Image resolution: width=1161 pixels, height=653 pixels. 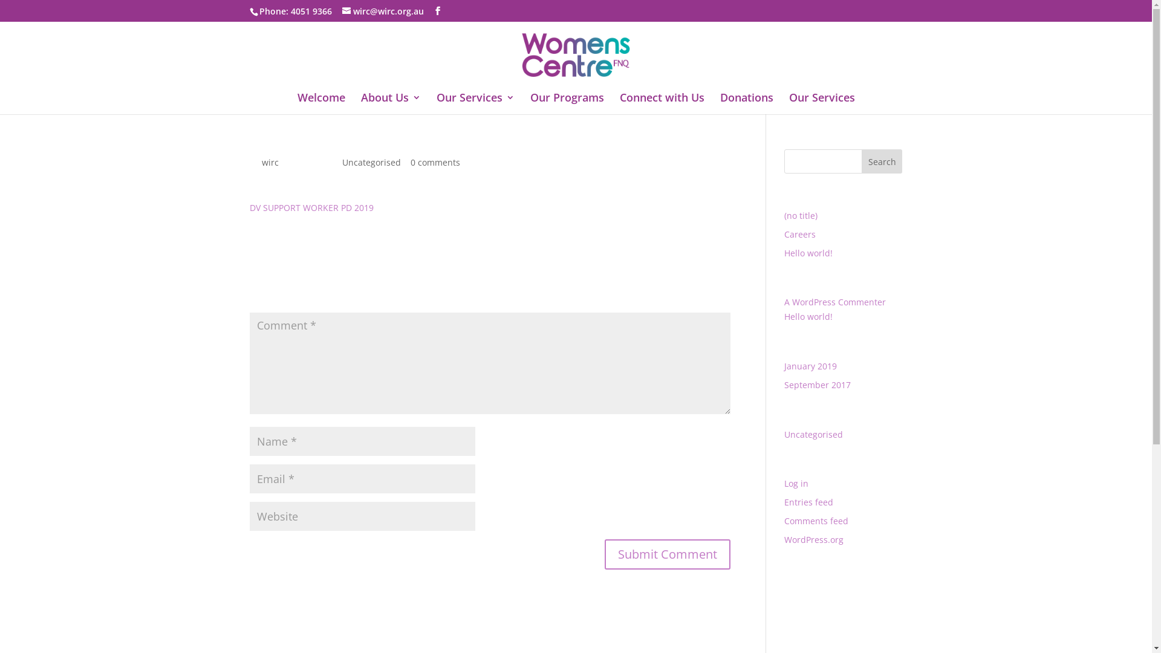 I want to click on 'wirc@wirc.org.au', so click(x=382, y=10).